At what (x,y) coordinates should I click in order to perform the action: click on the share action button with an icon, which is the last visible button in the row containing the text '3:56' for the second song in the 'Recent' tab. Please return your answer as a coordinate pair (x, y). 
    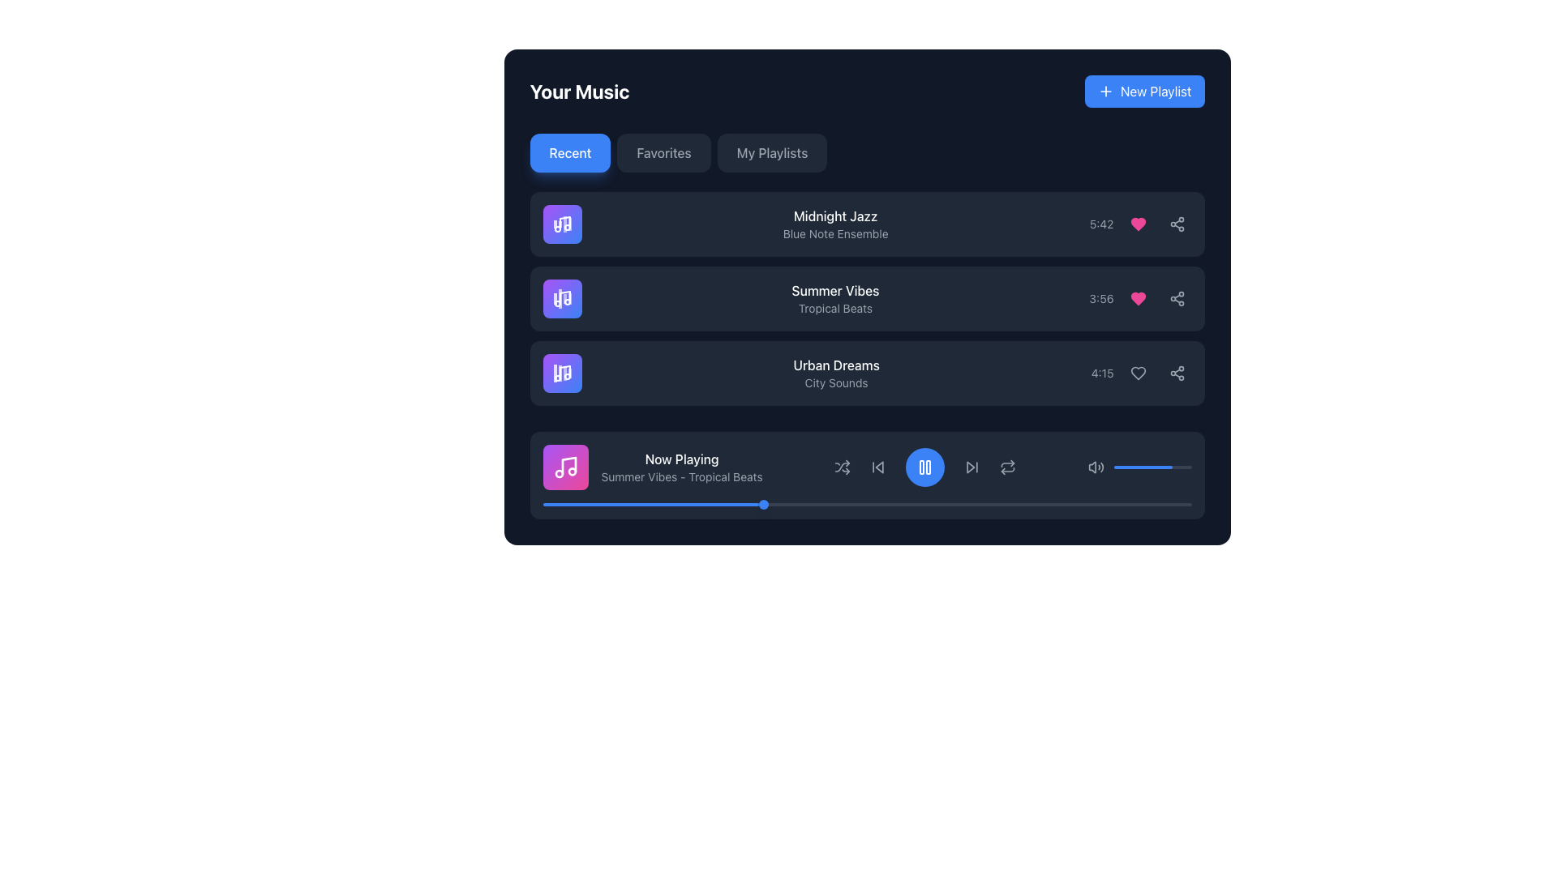
    Looking at the image, I should click on (1177, 299).